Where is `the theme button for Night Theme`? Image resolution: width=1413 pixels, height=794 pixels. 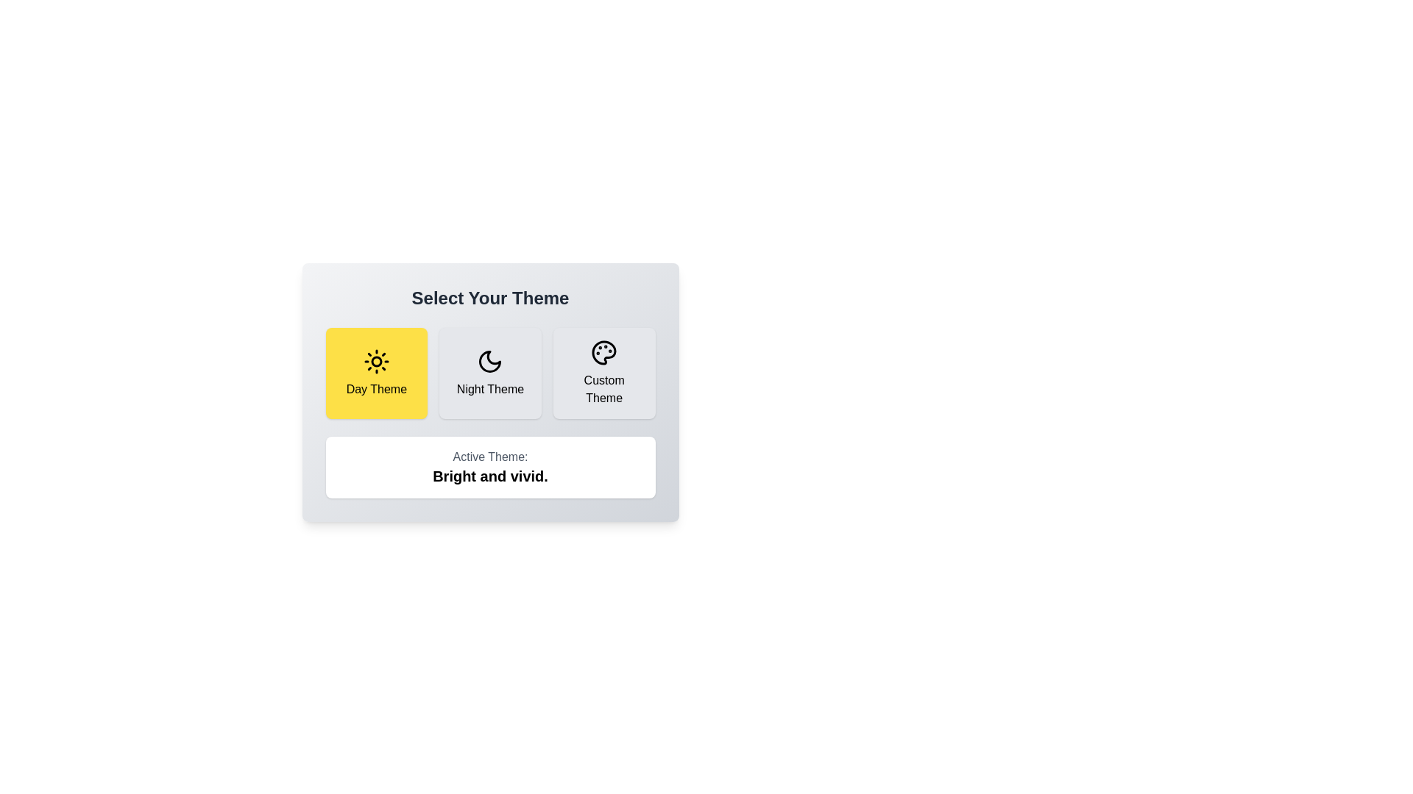
the theme button for Night Theme is located at coordinates (490, 373).